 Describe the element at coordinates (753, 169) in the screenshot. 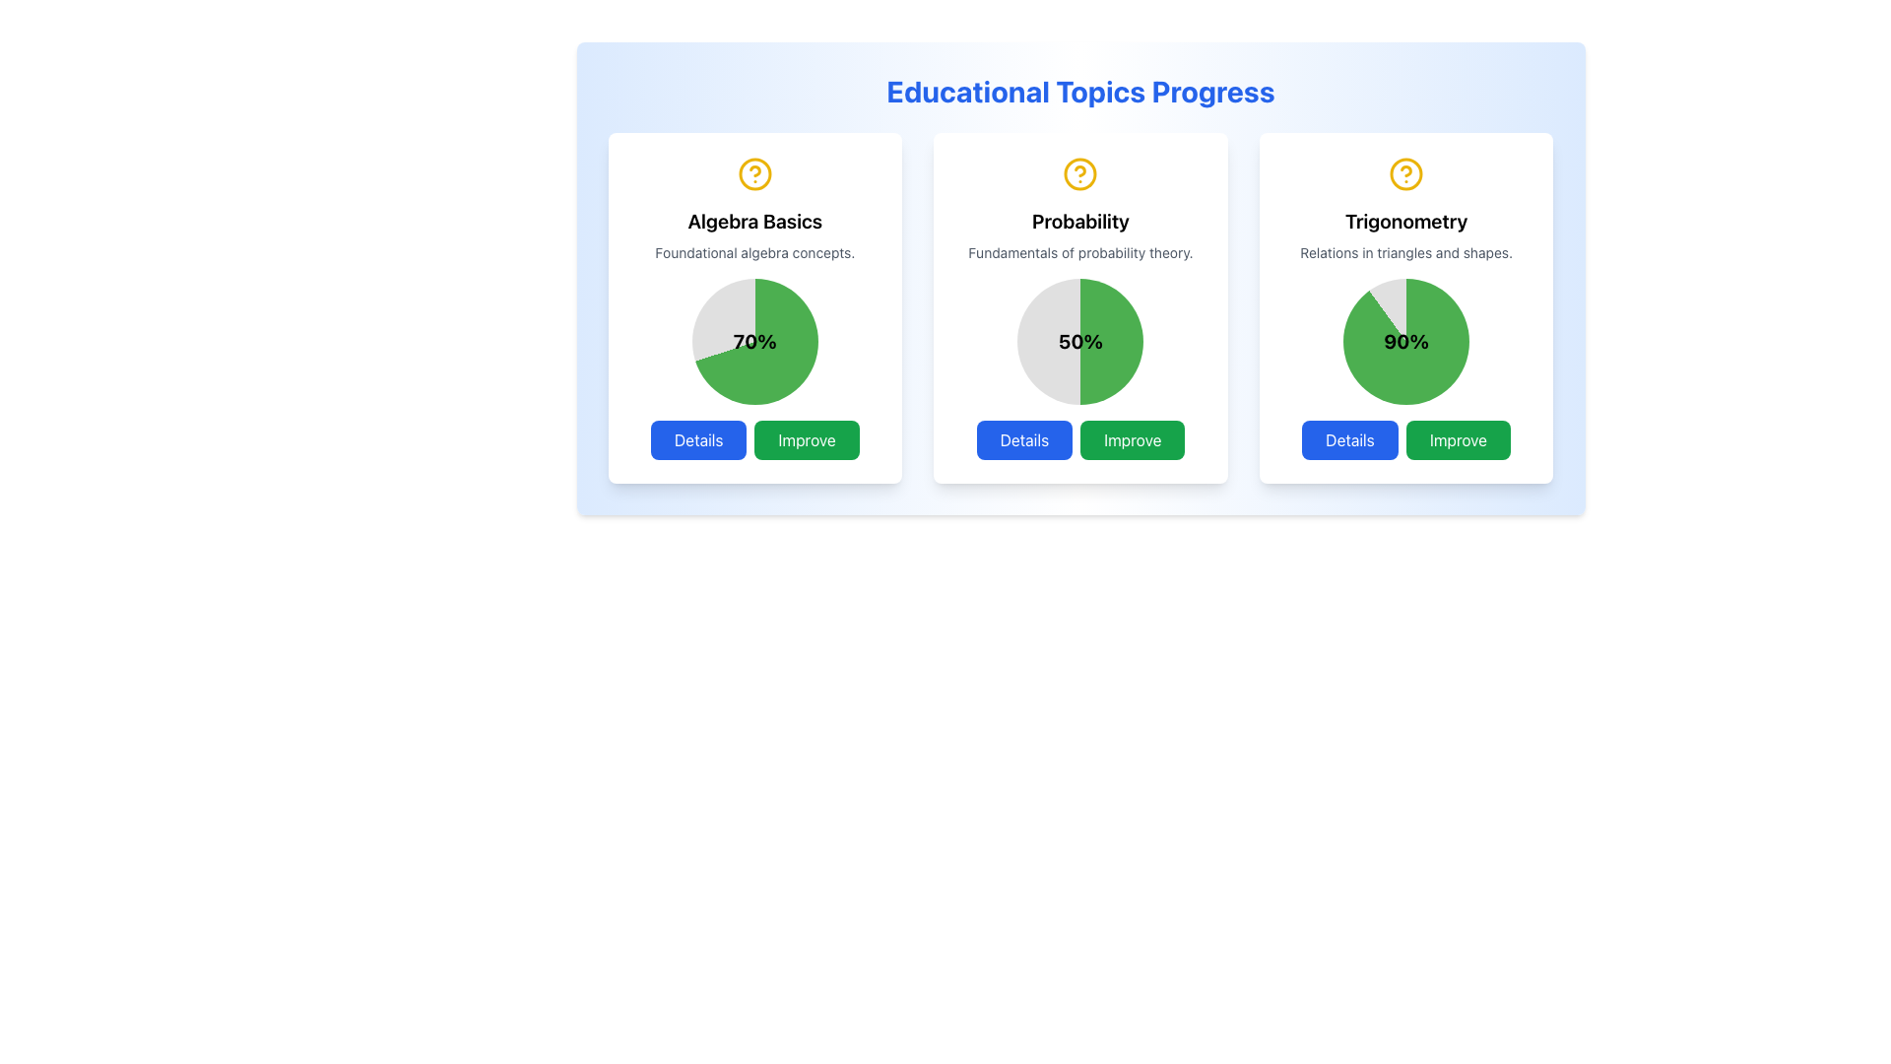

I see `the yellow stylized curve resembling part of a question mark symbol located within the circular icon above the 'Probability' card` at that location.